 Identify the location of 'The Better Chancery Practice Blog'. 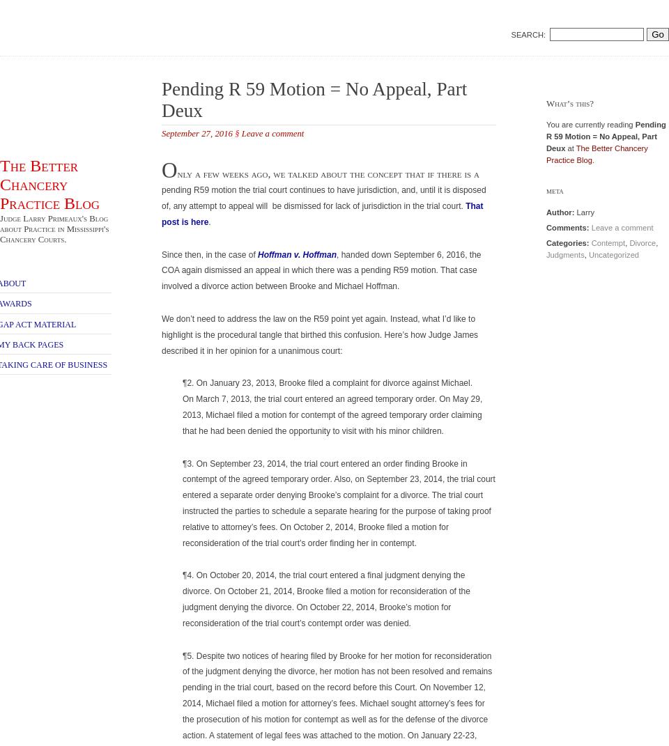
(49, 184).